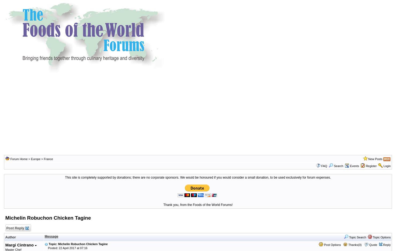 The width and height of the screenshot is (396, 251). Describe the element at coordinates (387, 166) in the screenshot. I see `'Login'` at that location.